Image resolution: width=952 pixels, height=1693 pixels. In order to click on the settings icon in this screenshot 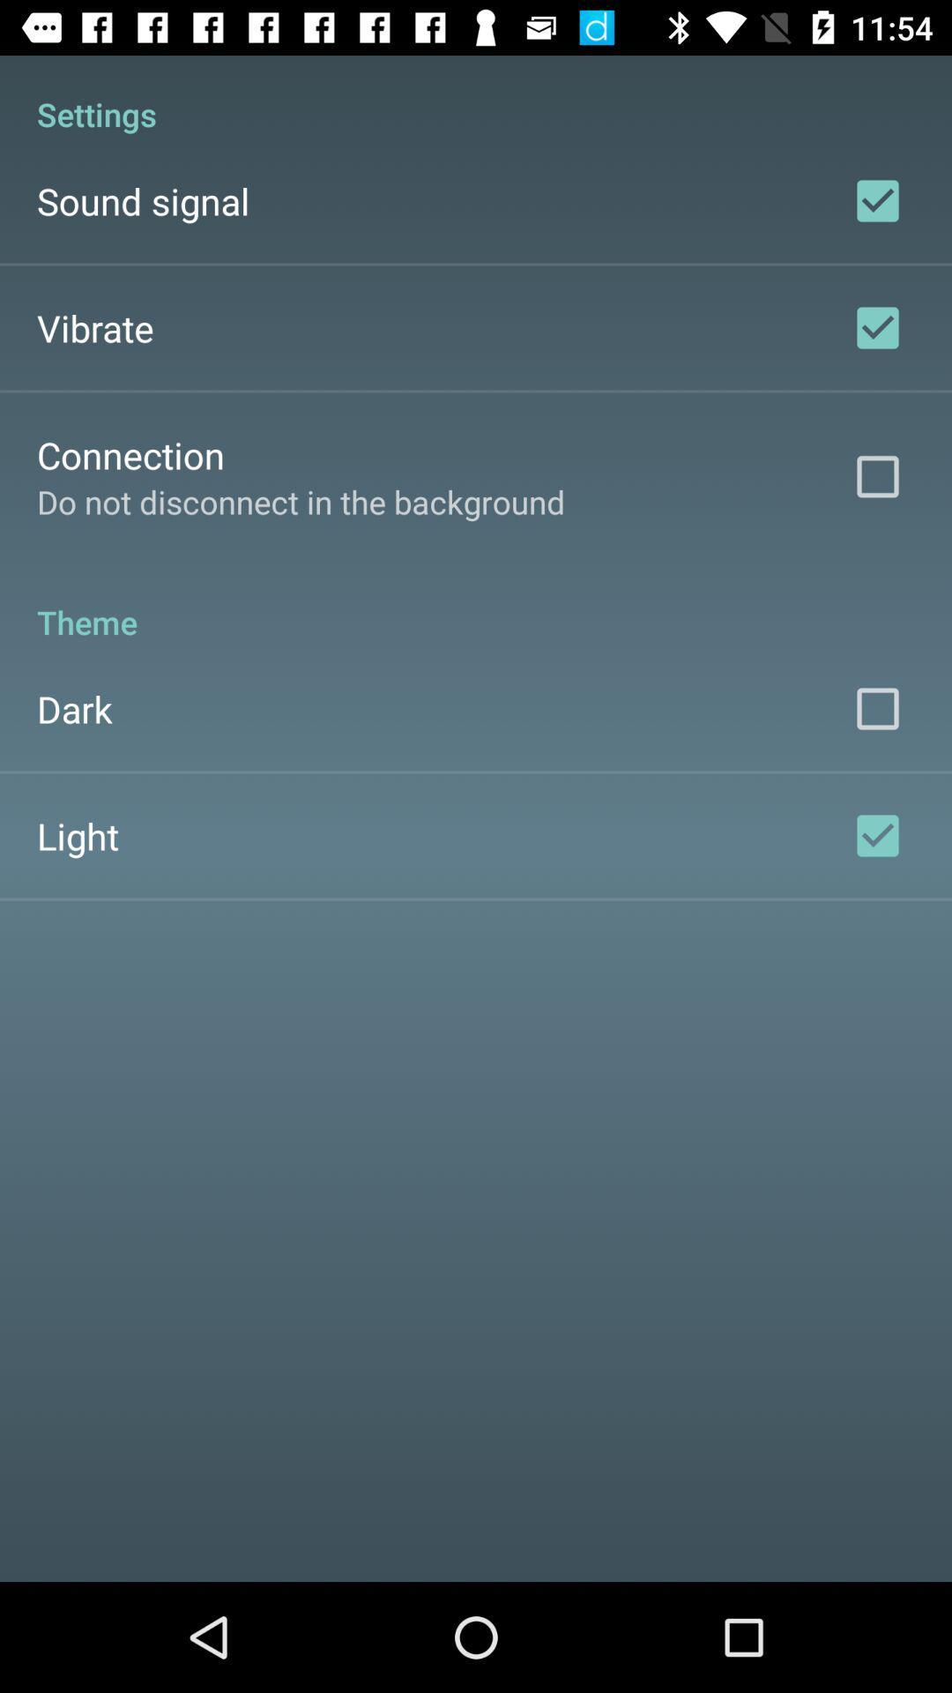, I will do `click(476, 94)`.